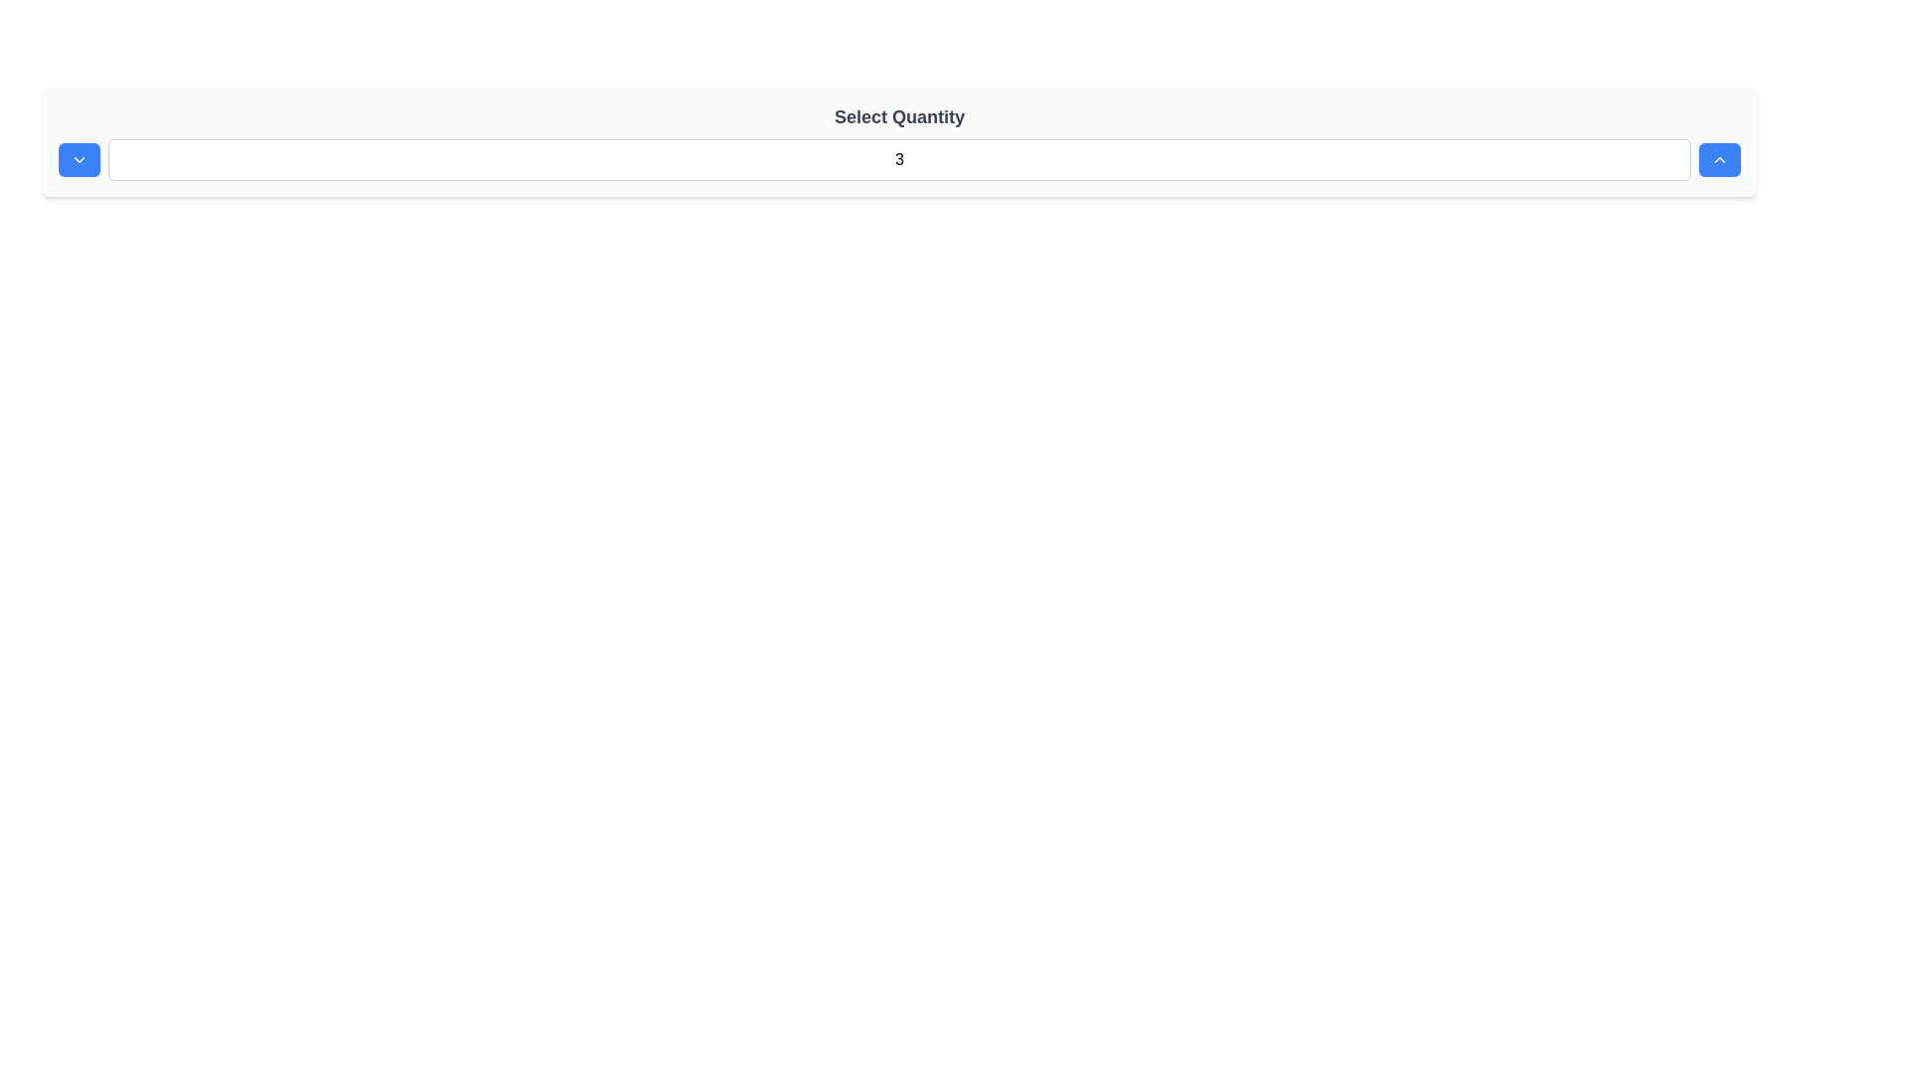  Describe the element at coordinates (80, 159) in the screenshot. I see `the decrement button located to the far left of the input field to decrease the numeric value` at that location.